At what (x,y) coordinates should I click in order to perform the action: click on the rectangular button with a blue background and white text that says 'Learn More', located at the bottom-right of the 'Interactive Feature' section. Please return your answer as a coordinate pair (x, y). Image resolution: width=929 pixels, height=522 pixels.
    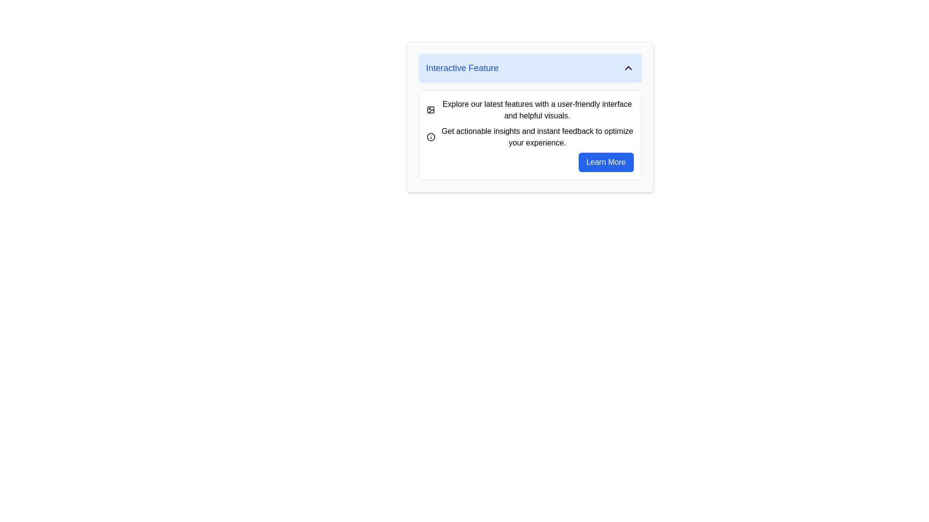
    Looking at the image, I should click on (605, 161).